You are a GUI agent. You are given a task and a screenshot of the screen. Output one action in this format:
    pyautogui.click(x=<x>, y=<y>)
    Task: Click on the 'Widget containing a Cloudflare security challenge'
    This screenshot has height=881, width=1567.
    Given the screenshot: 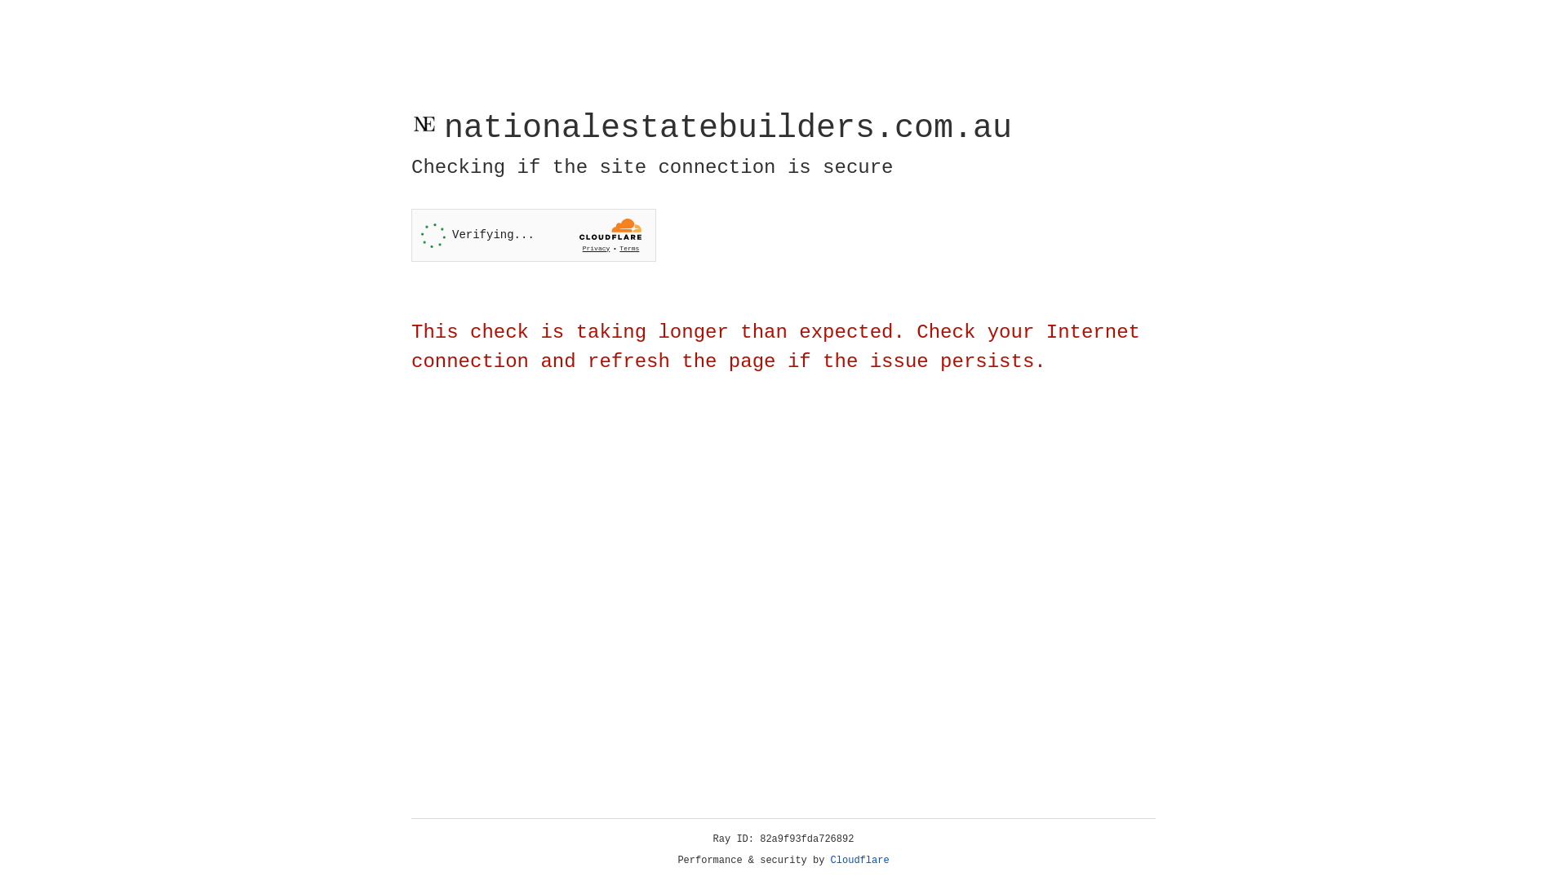 What is the action you would take?
    pyautogui.click(x=533, y=235)
    